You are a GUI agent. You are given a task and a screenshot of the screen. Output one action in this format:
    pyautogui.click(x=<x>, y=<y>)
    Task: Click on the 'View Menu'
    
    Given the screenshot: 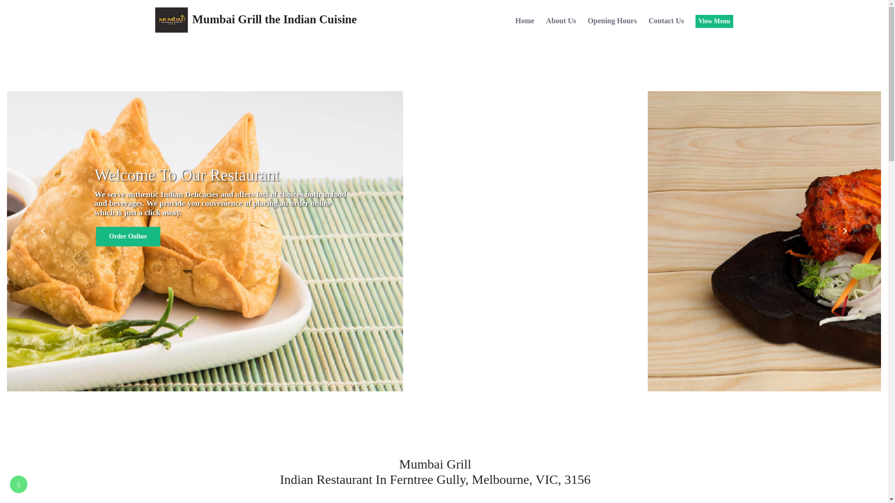 What is the action you would take?
    pyautogui.click(x=713, y=21)
    